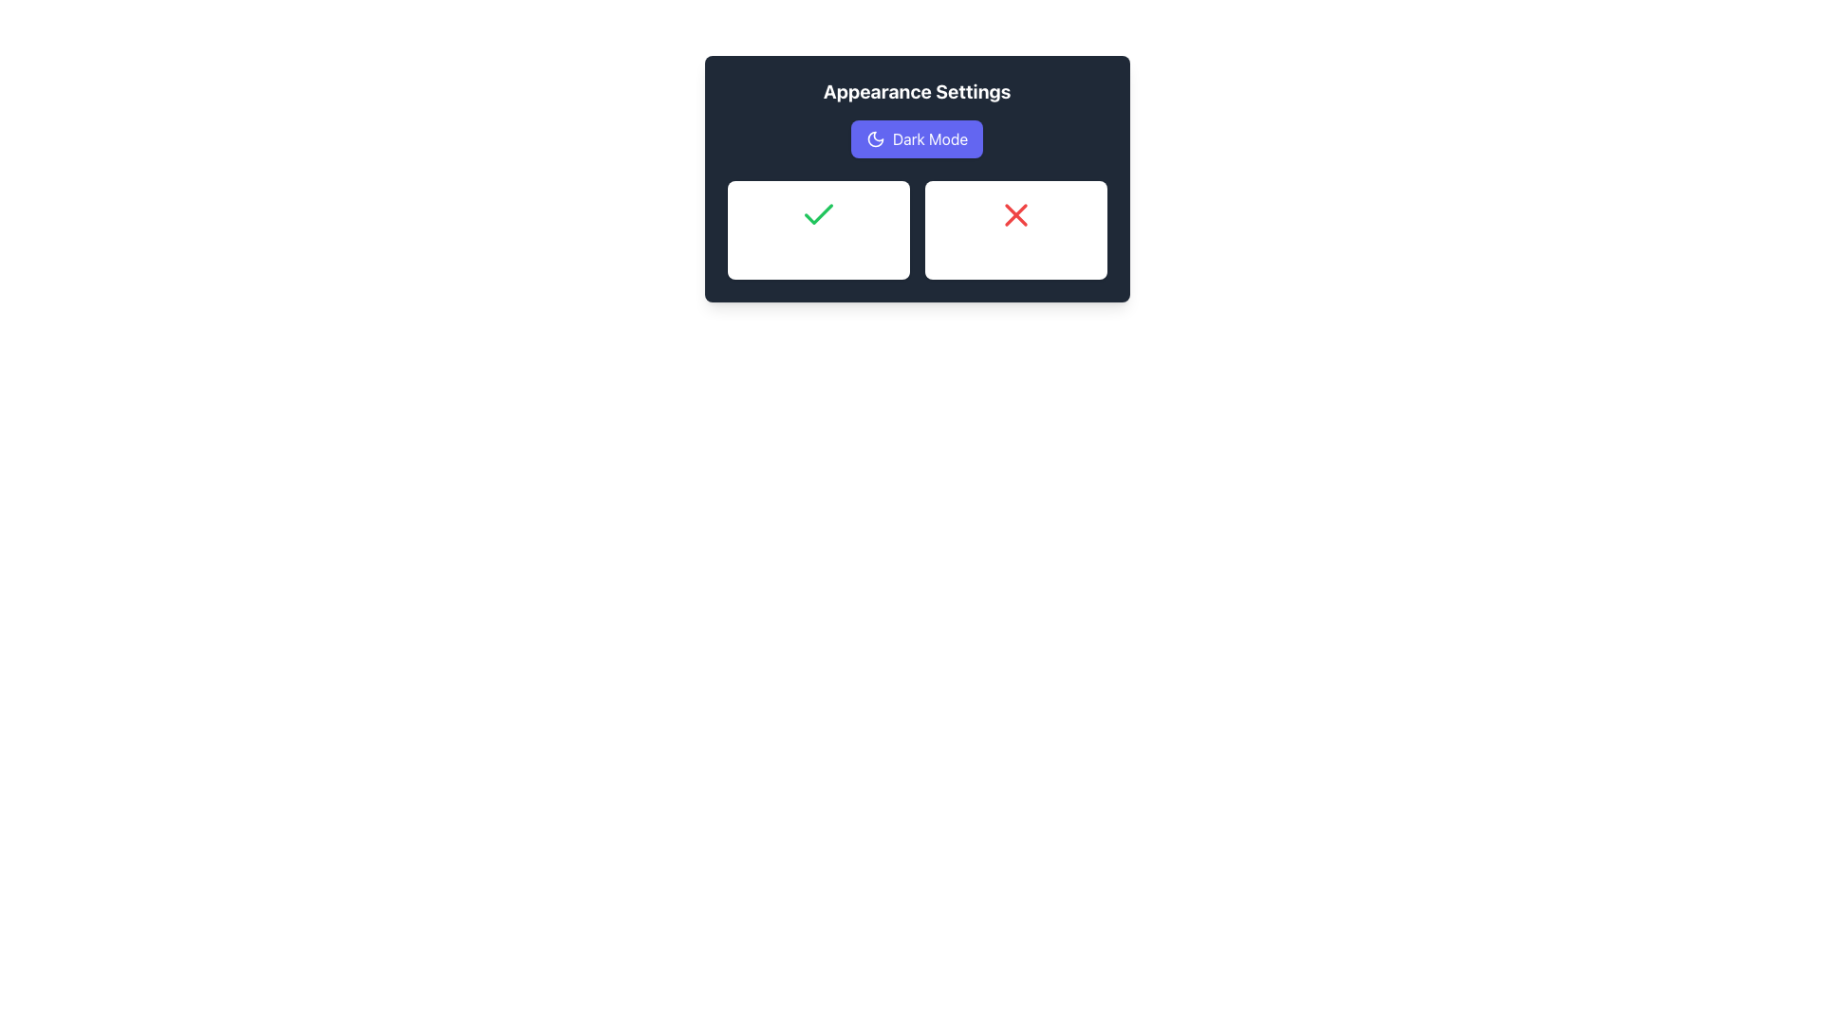 This screenshot has width=1822, height=1024. Describe the element at coordinates (917, 91) in the screenshot. I see `the 'Appearance Settings' text label which is prominently displayed in bold and large font at the top of a card with a dark background` at that location.